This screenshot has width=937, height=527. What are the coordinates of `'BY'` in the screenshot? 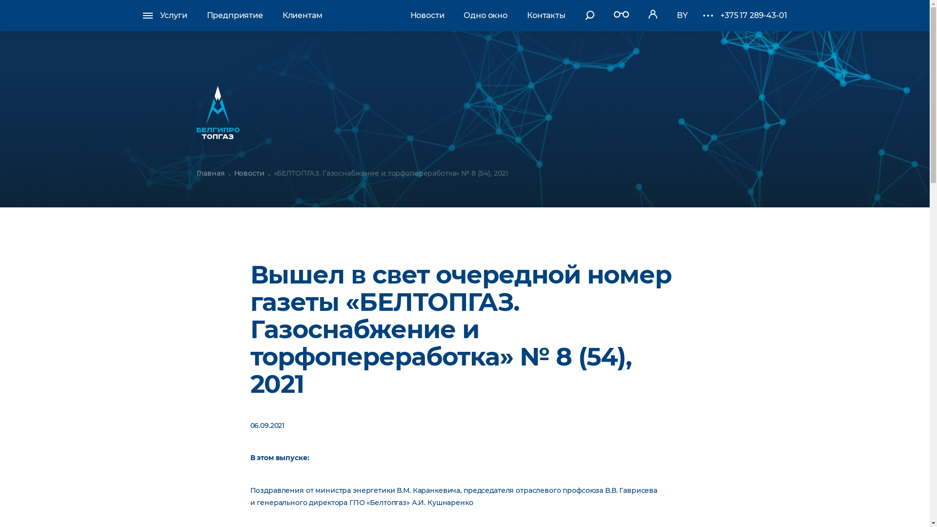 It's located at (676, 16).